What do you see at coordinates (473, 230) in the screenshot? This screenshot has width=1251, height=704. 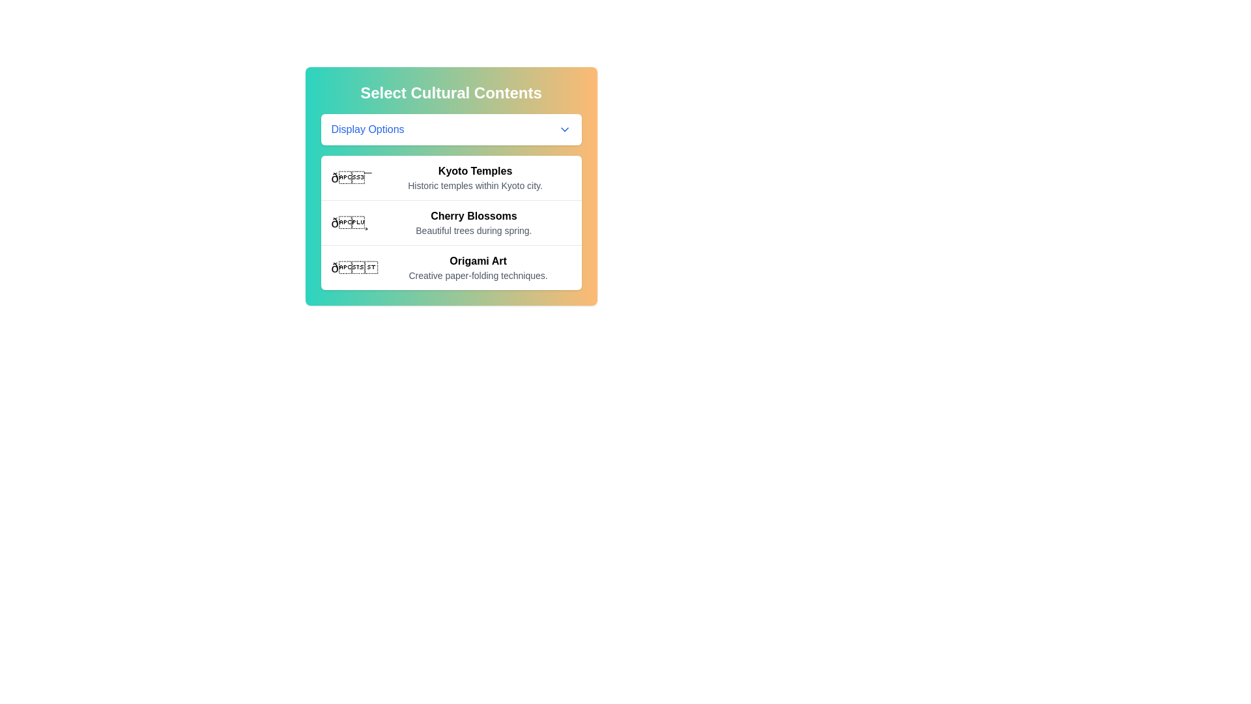 I see `text label displaying 'Beautiful trees during spring.' located below the title 'Cherry Blossoms' in the selectable content section` at bounding box center [473, 230].